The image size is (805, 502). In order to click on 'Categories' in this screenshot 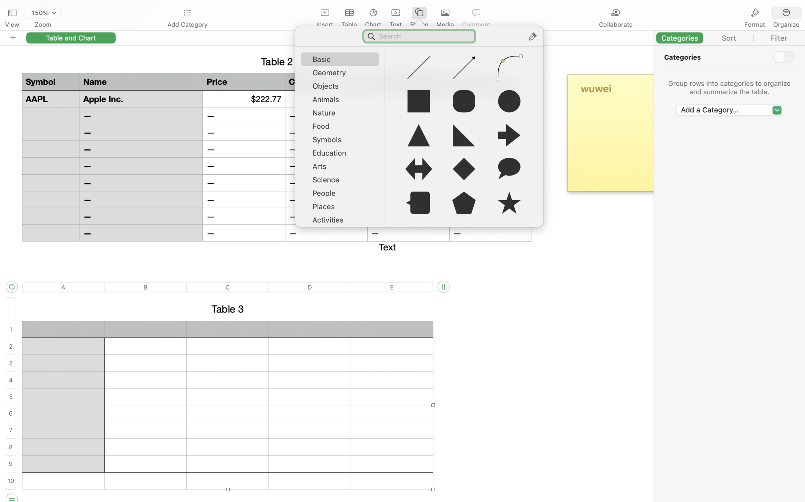, I will do `click(682, 57)`.